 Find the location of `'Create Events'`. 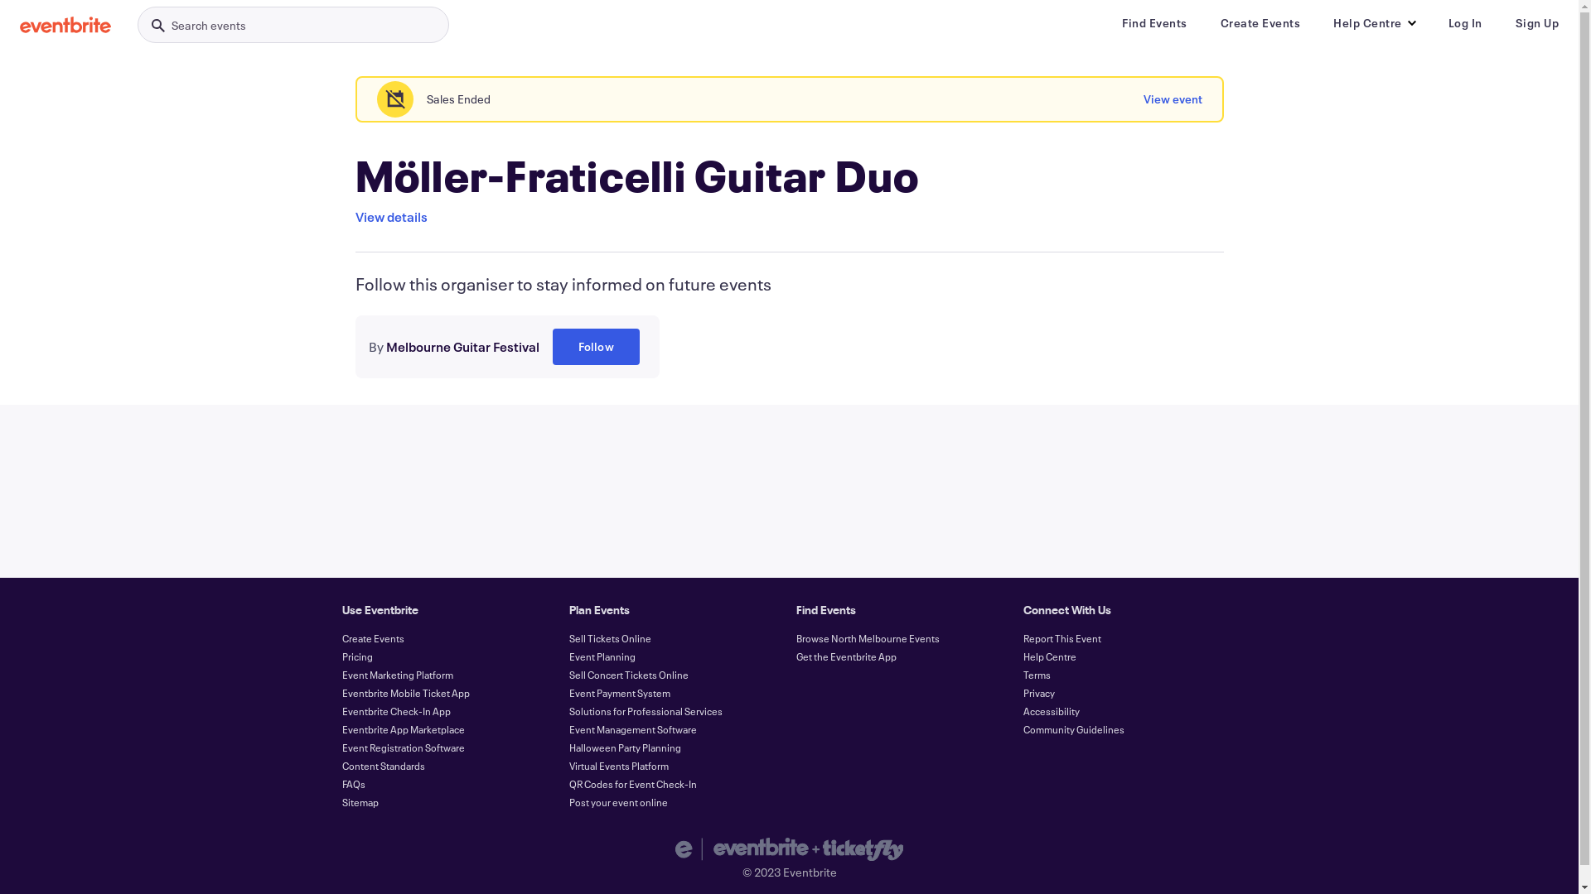

'Create Events' is located at coordinates (371, 637).